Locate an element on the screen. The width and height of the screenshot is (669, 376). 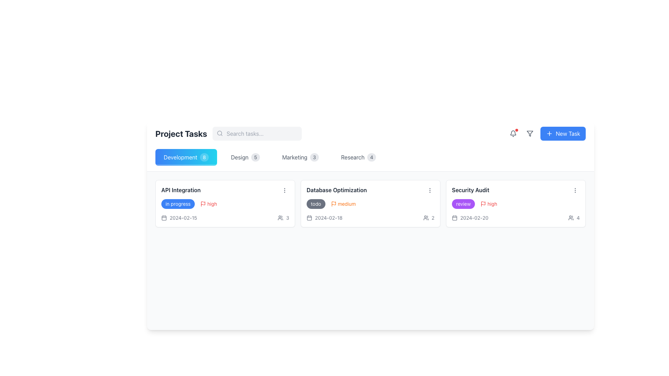
the 'Development' text label is located at coordinates (180, 157).